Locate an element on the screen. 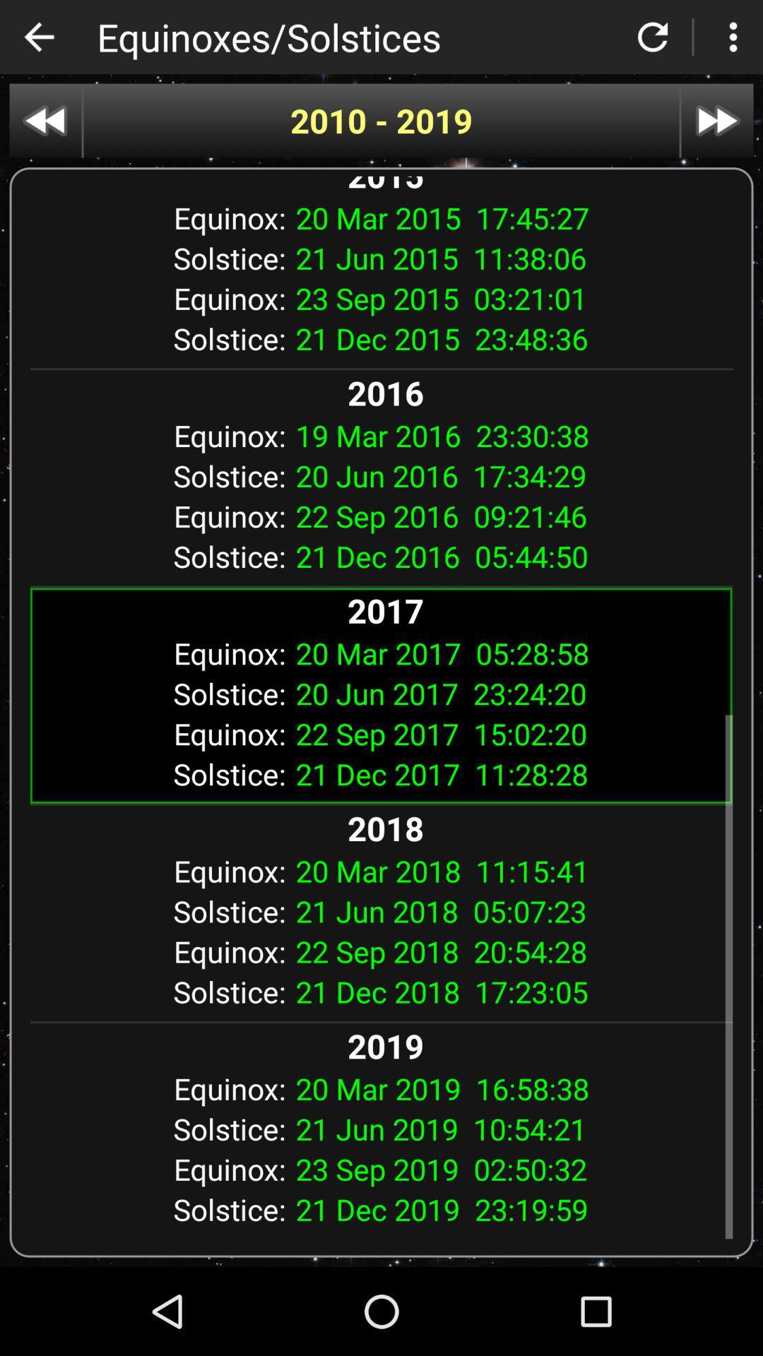  the more icon is located at coordinates (732, 37).